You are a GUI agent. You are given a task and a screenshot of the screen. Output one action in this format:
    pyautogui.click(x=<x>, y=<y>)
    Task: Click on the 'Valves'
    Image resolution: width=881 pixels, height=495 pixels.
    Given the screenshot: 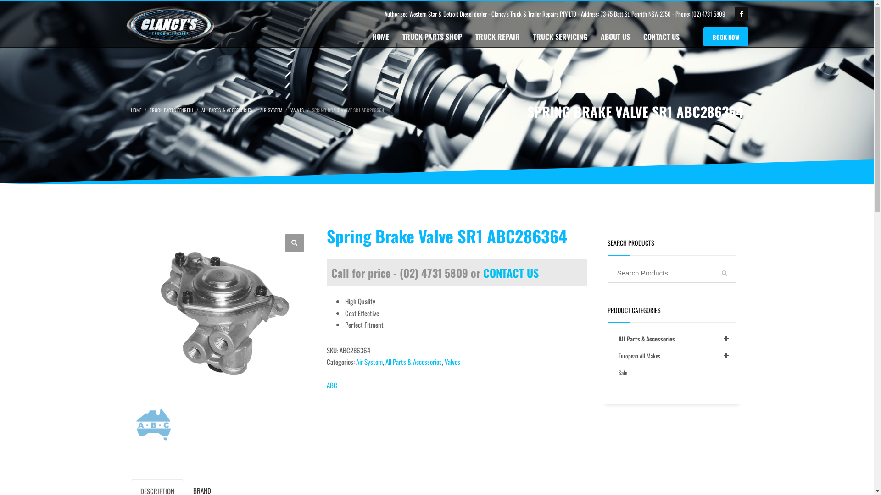 What is the action you would take?
    pyautogui.click(x=445, y=361)
    